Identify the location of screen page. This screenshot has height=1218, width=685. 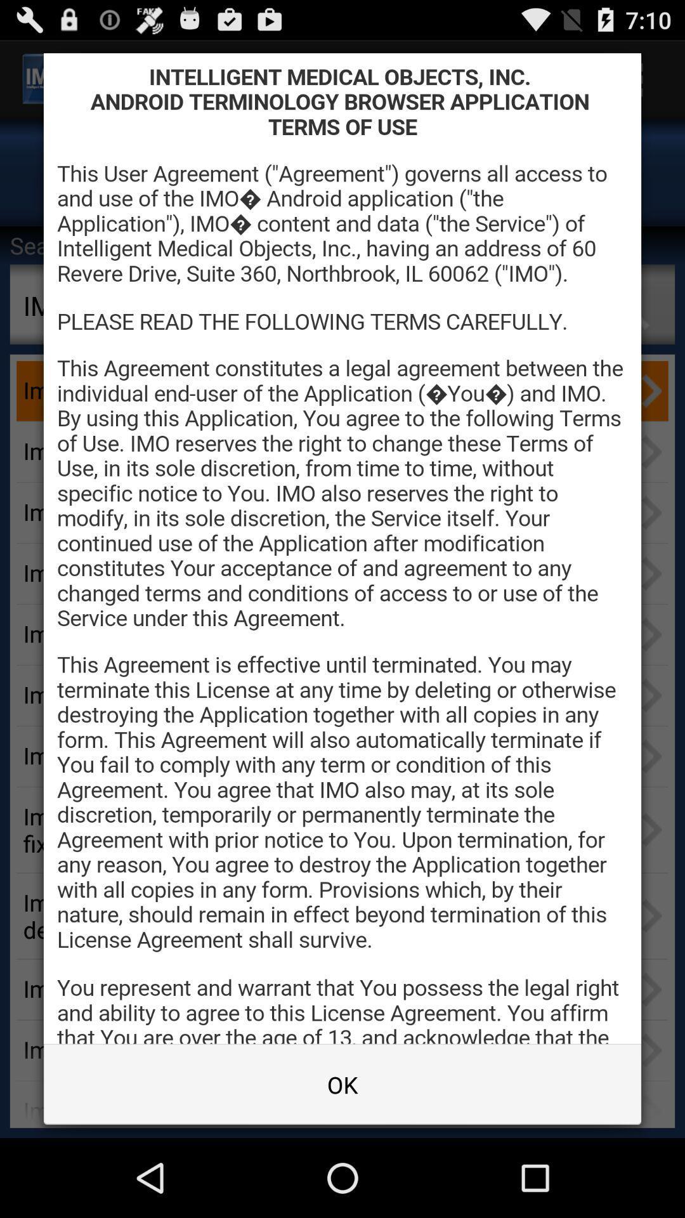
(342, 548).